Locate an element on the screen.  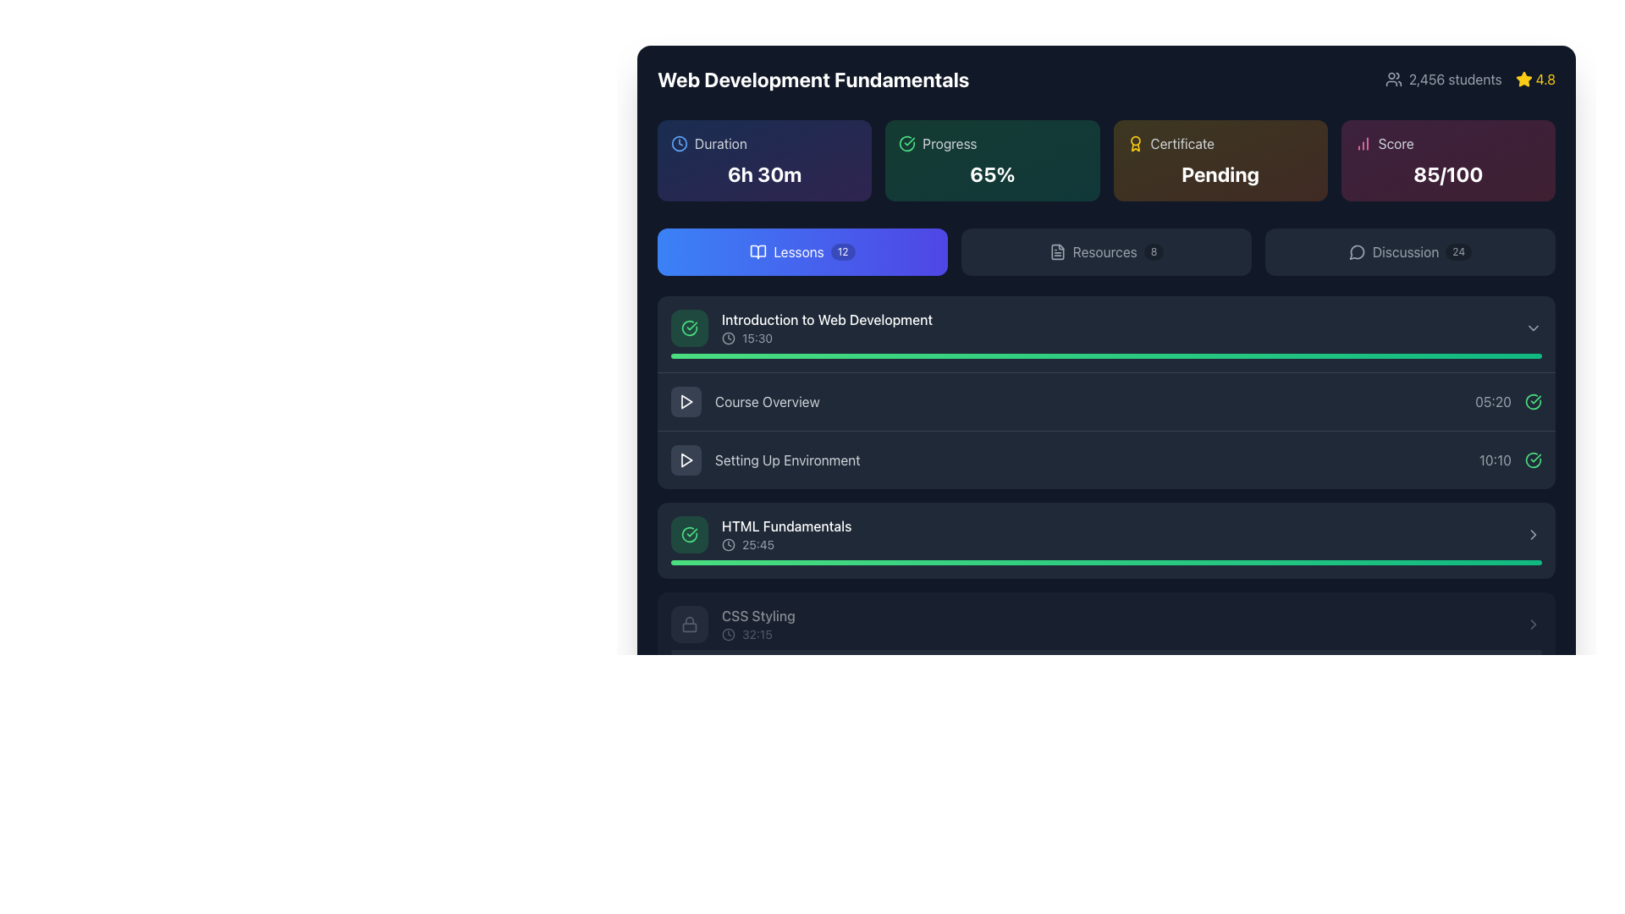
the completion icon located to the right of the timestamp '05:20', which indicates that a lesson has been successfully completed is located at coordinates (1533, 401).